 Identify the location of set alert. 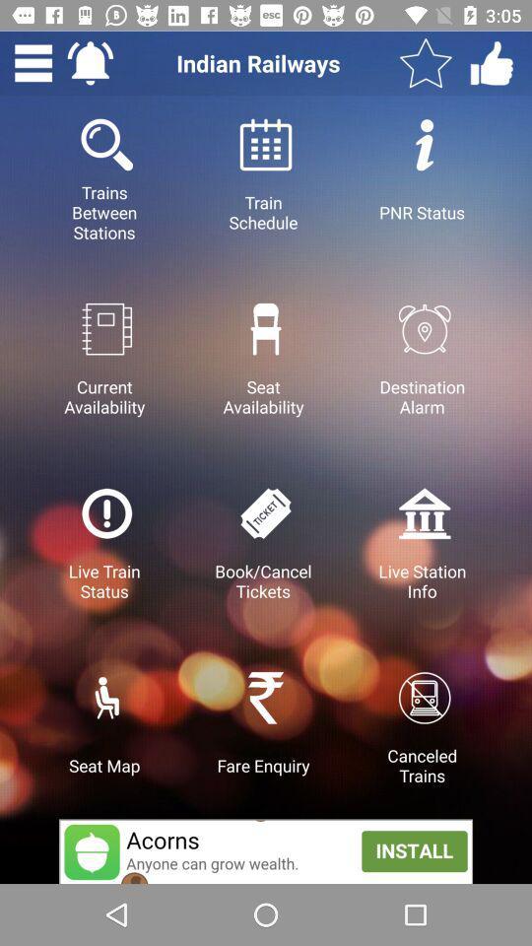
(89, 63).